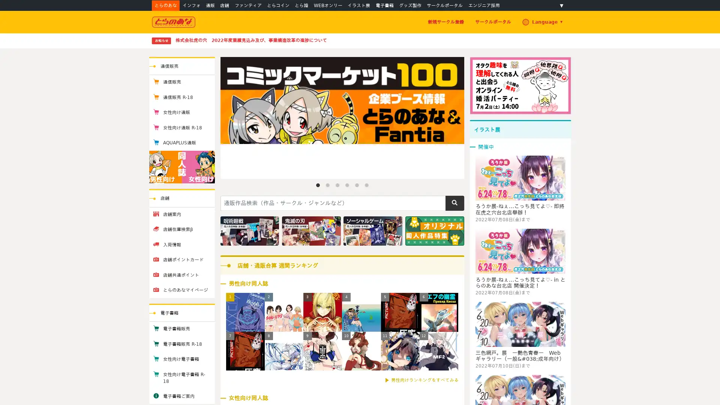 Image resolution: width=720 pixels, height=405 pixels. What do you see at coordinates (232, 117) in the screenshot?
I see `Previous` at bounding box center [232, 117].